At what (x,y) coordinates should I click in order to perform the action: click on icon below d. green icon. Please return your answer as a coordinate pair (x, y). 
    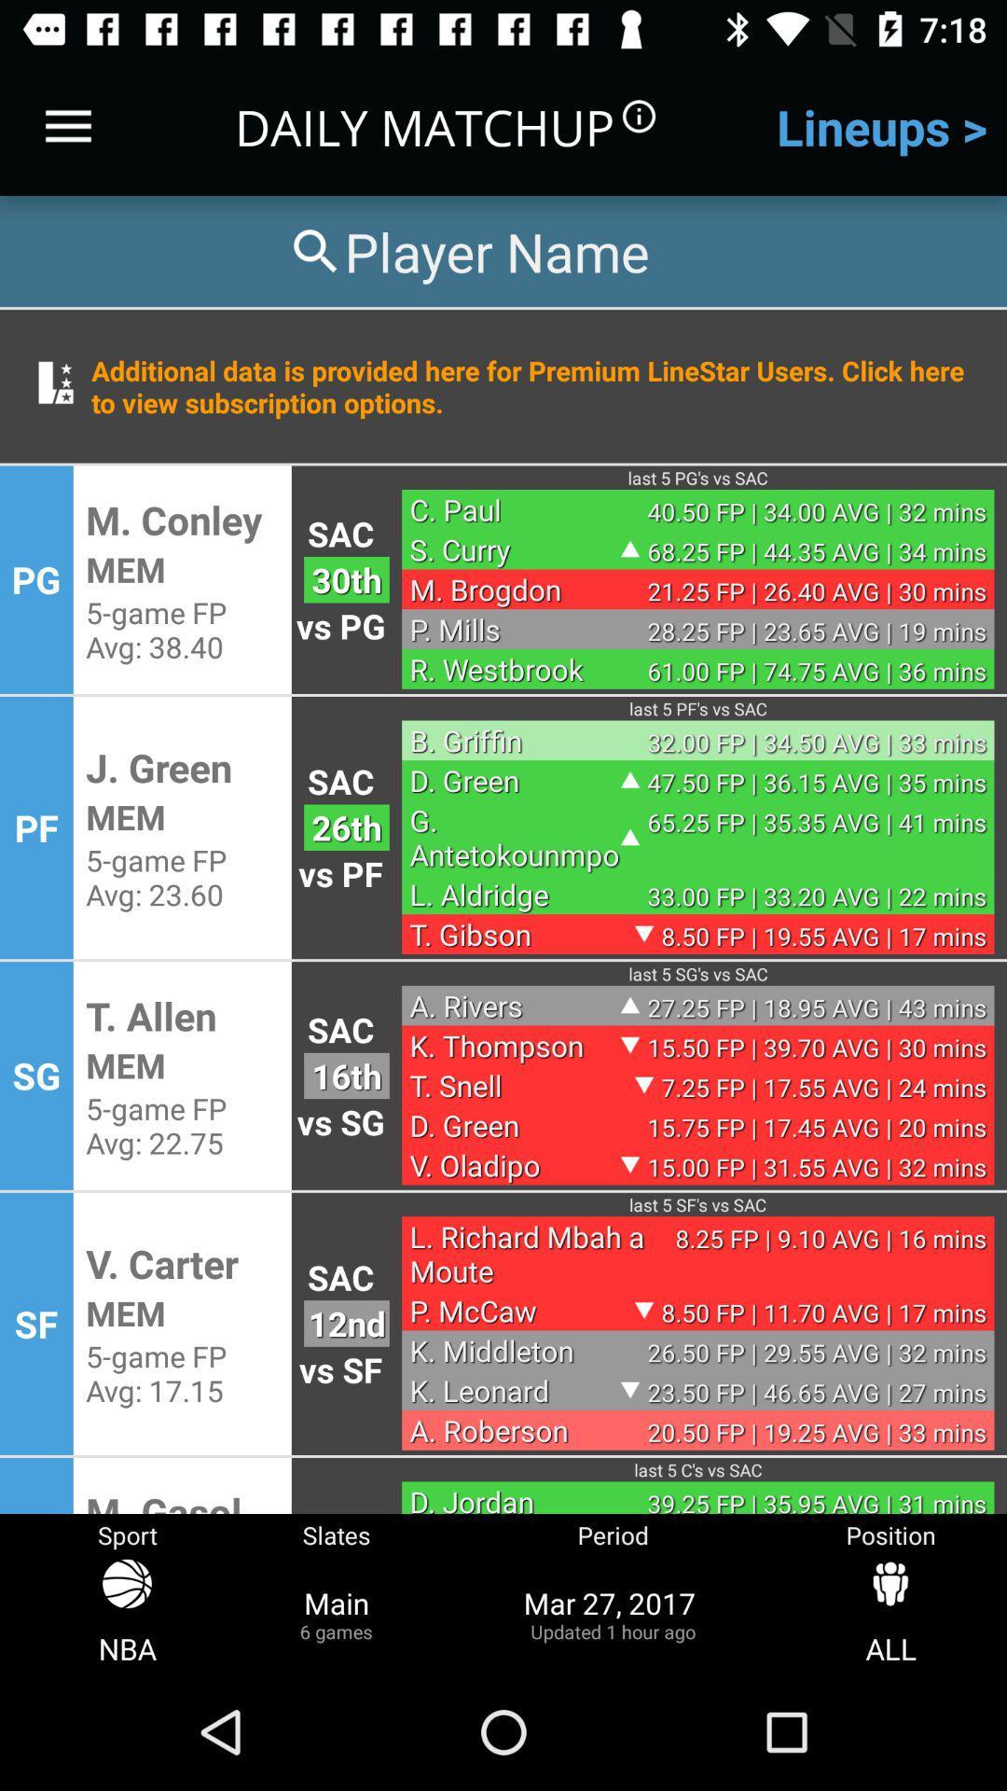
    Looking at the image, I should click on (515, 836).